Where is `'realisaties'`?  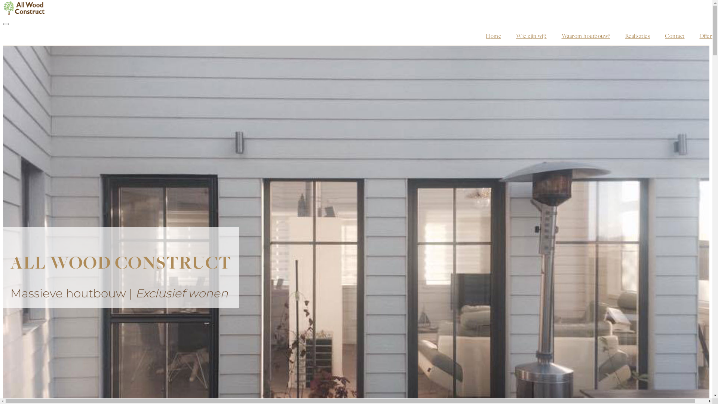
'realisaties' is located at coordinates (637, 36).